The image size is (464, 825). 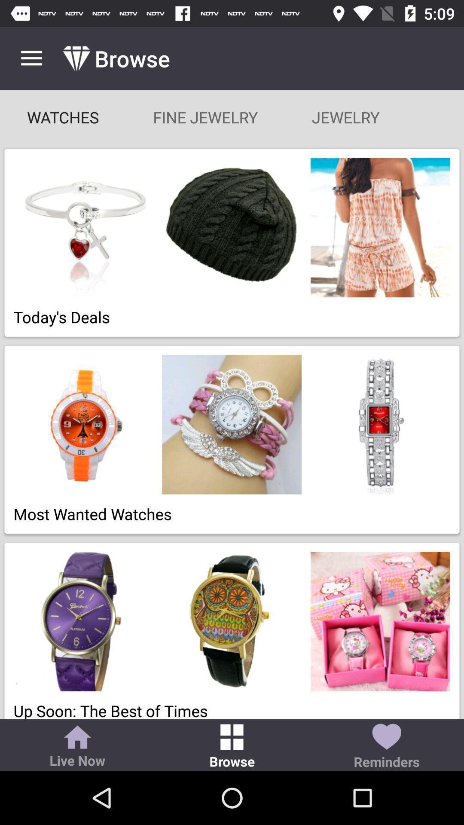 I want to click on the icon to the left of the jewelry icon, so click(x=205, y=117).